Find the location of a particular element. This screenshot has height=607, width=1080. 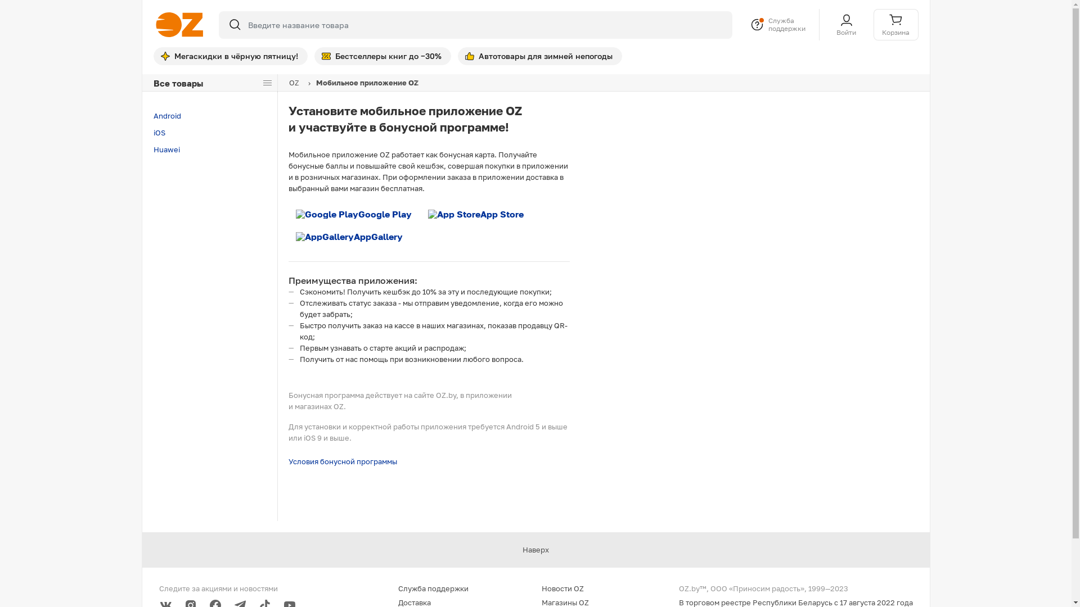

'App Store' is located at coordinates (475, 214).